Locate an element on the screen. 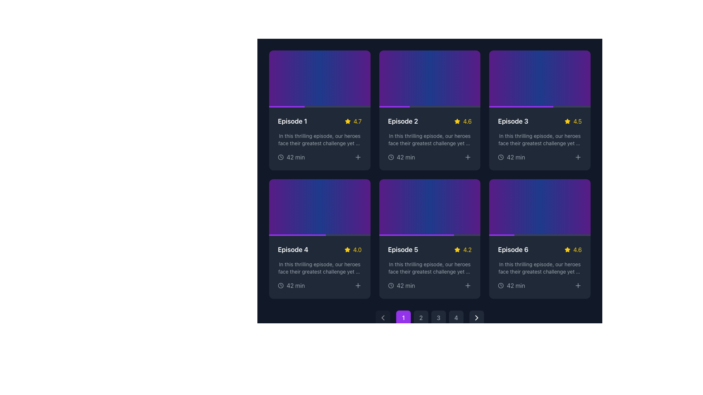 The height and width of the screenshot is (395, 703). the area adjacent to the progress bar located at the bottom of the 'Episode 6' card, which is represented by a narrow, horizontal gray bar with a purple segment indicating progress is located at coordinates (540, 235).